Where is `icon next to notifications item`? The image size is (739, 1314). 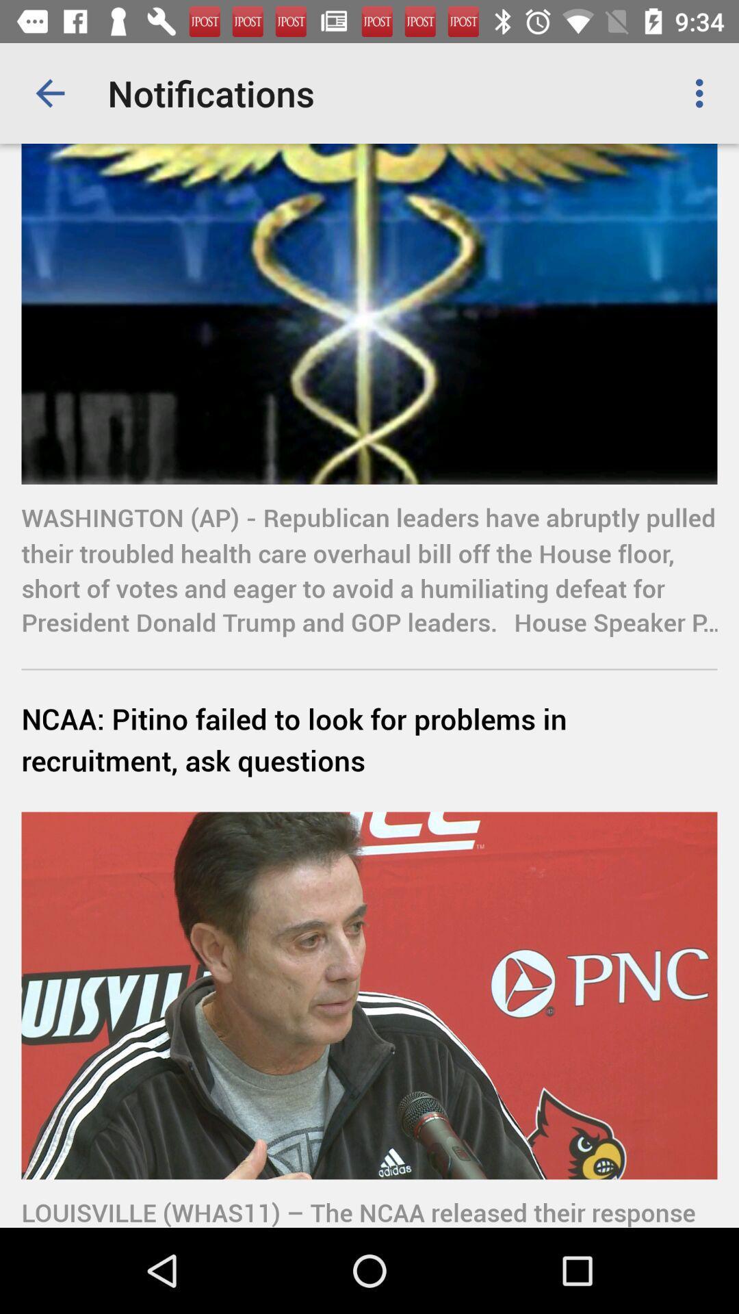 icon next to notifications item is located at coordinates (49, 92).